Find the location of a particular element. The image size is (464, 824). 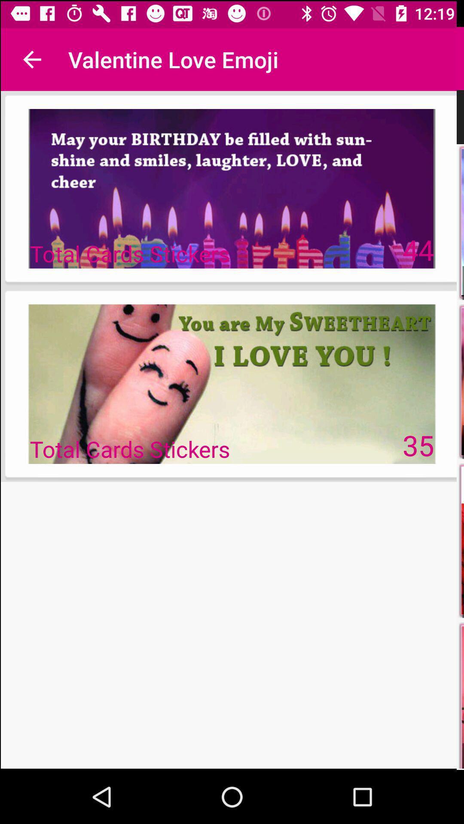

35 is located at coordinates (418, 445).